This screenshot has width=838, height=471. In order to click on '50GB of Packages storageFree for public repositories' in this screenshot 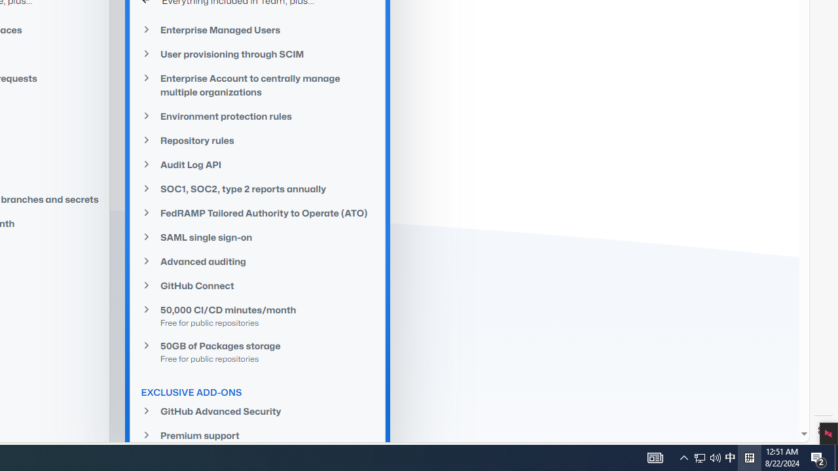, I will do `click(258, 351)`.